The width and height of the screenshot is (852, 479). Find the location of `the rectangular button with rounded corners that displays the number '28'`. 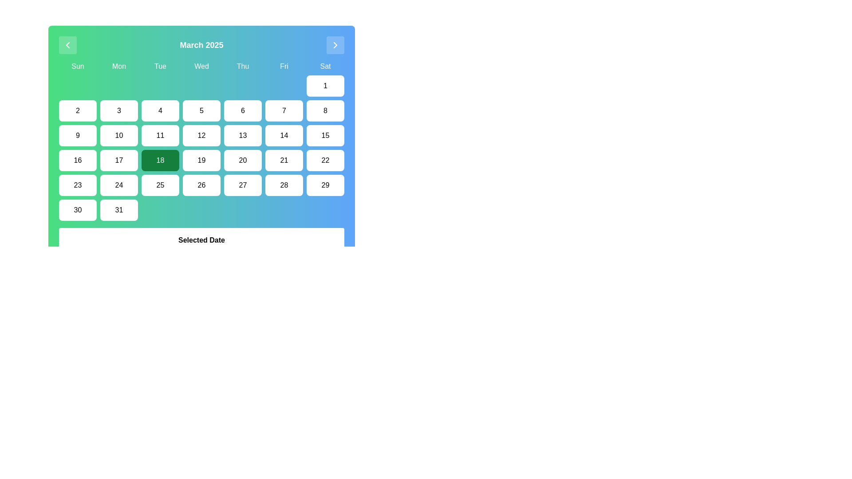

the rectangular button with rounded corners that displays the number '28' is located at coordinates (284, 185).